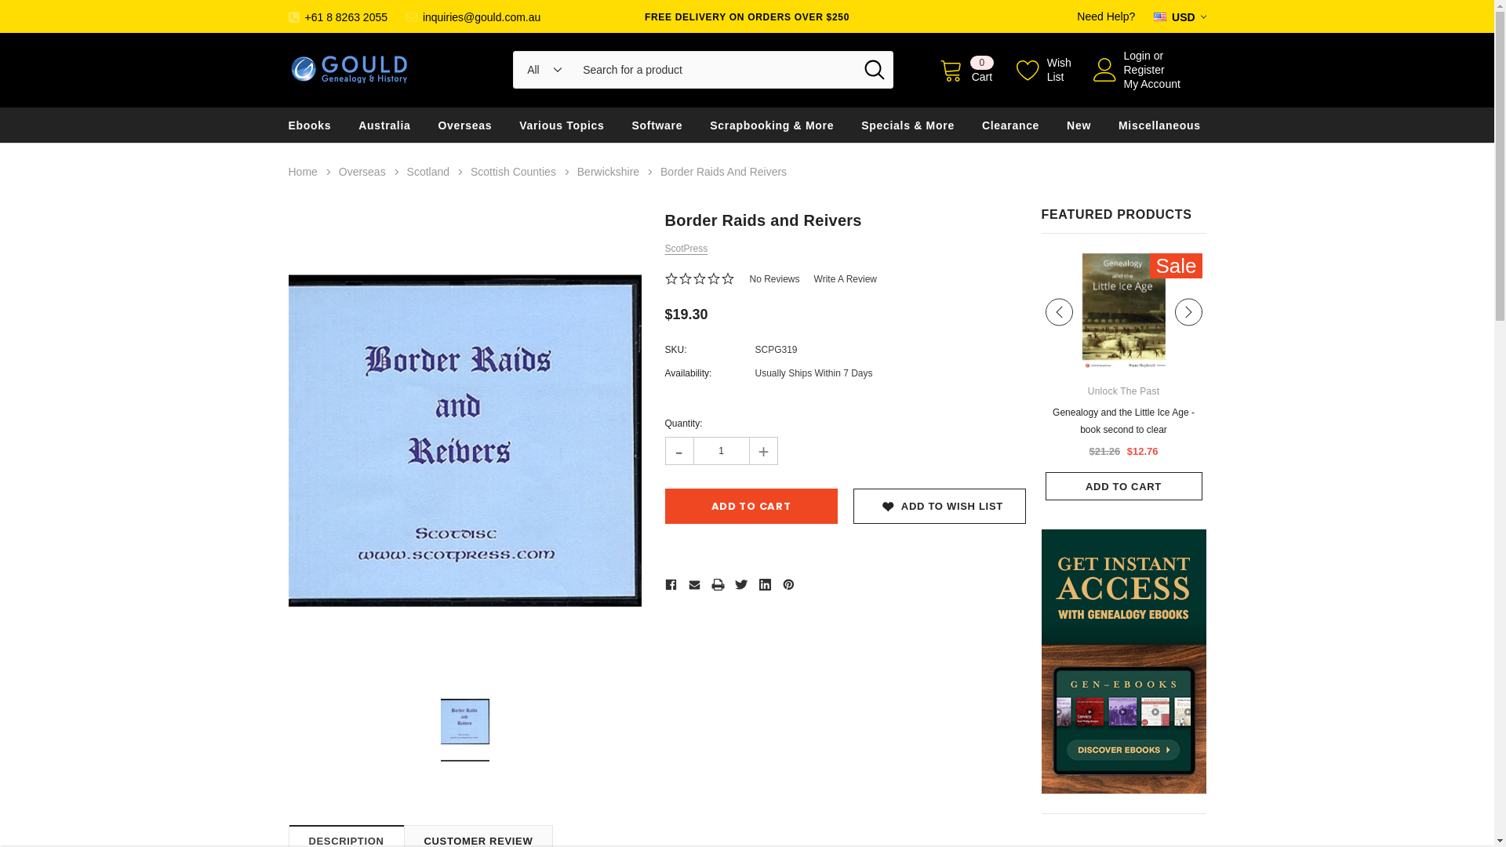  Describe the element at coordinates (428, 172) in the screenshot. I see `'Scotland'` at that location.